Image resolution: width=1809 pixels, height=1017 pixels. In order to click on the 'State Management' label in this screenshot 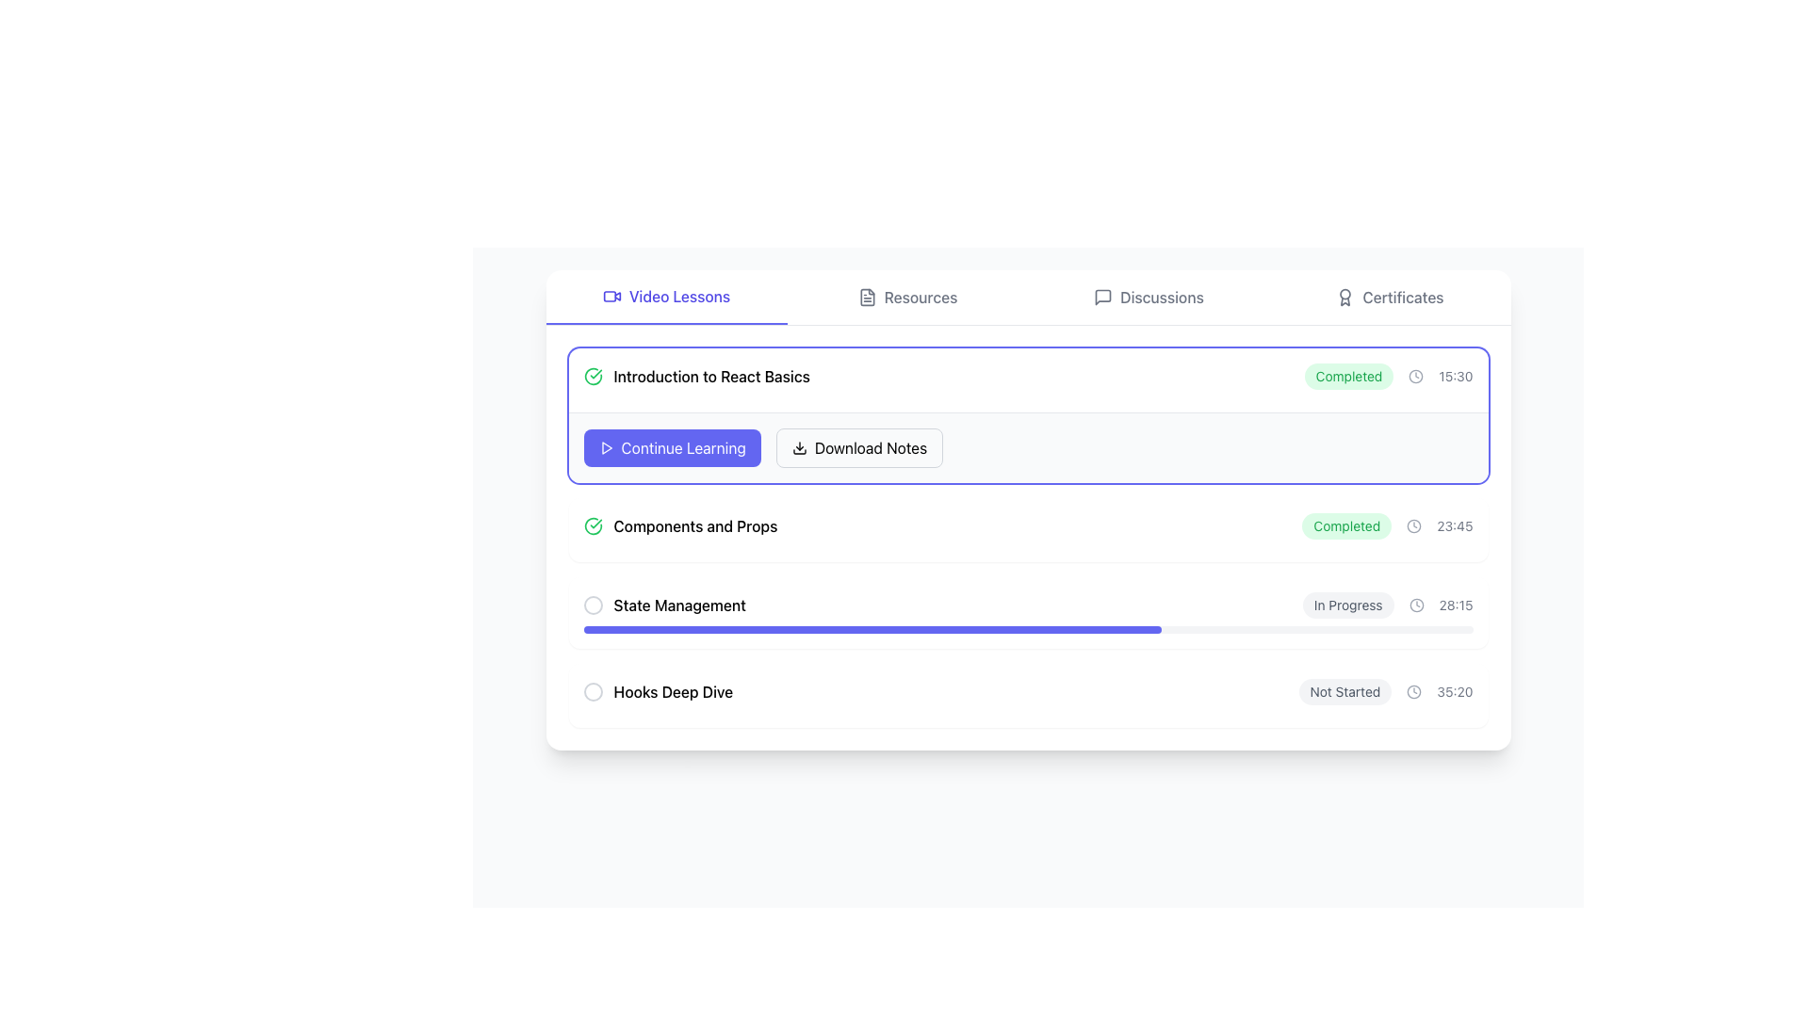, I will do `click(664, 605)`.